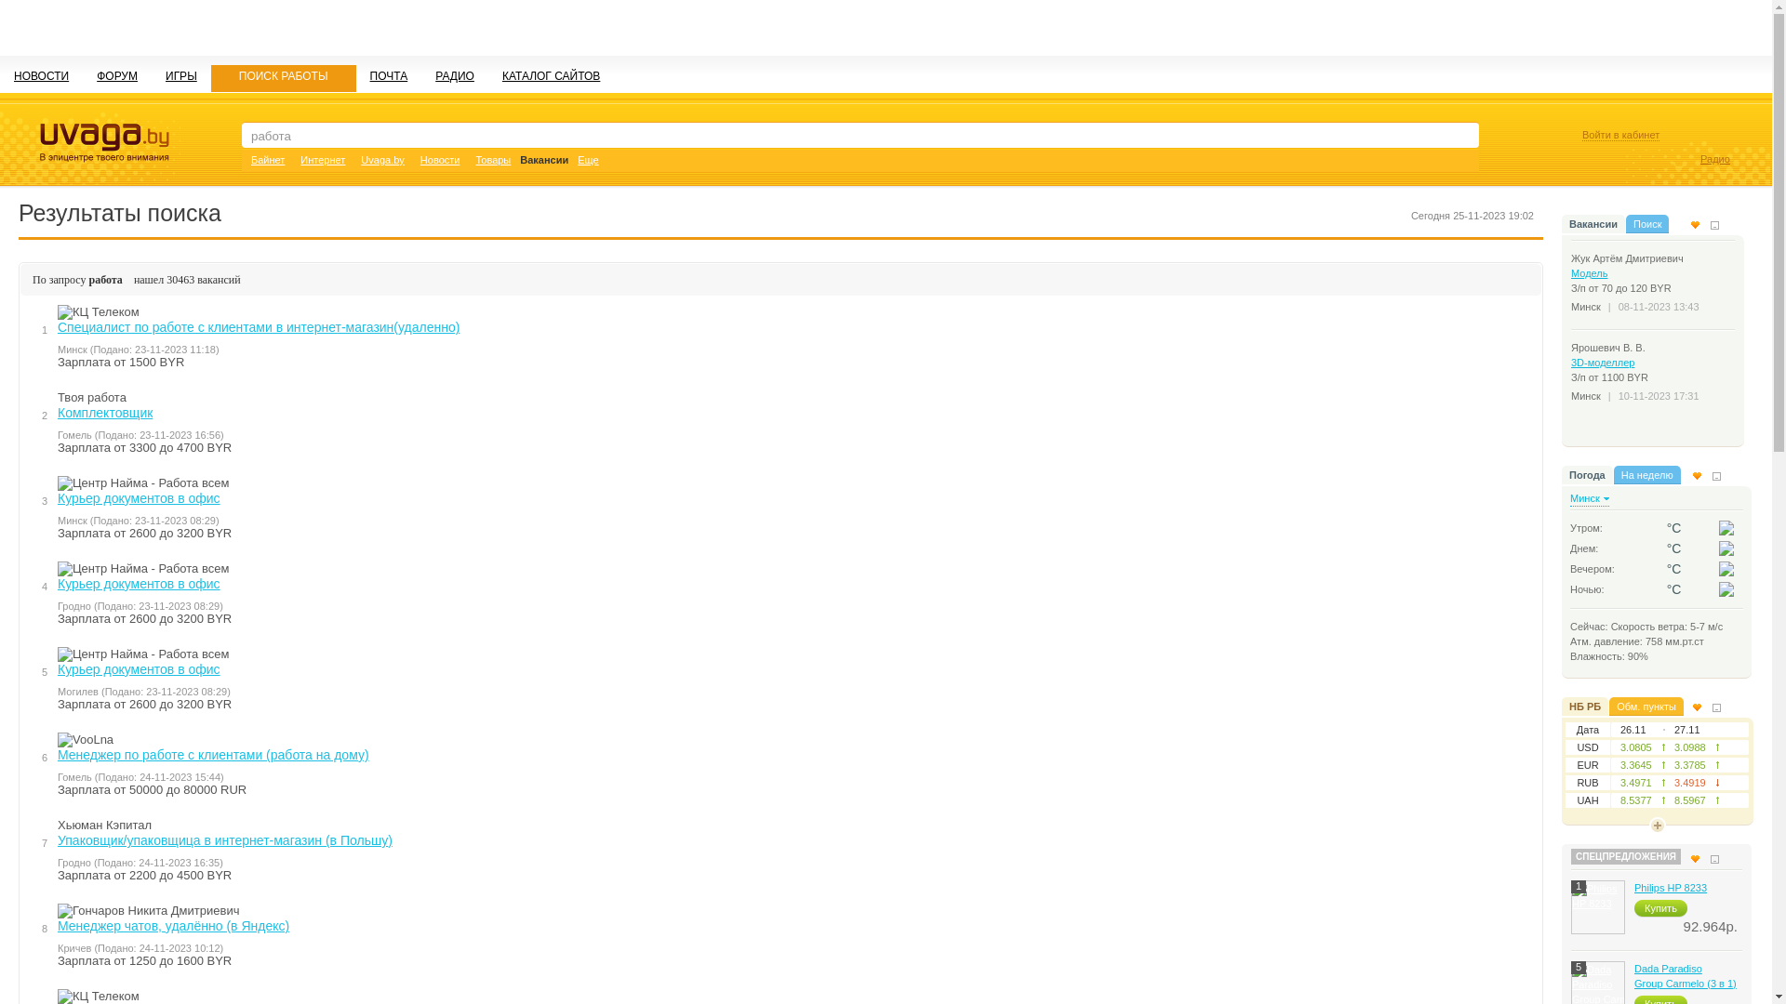  What do you see at coordinates (1726, 588) in the screenshot?
I see `' '` at bounding box center [1726, 588].